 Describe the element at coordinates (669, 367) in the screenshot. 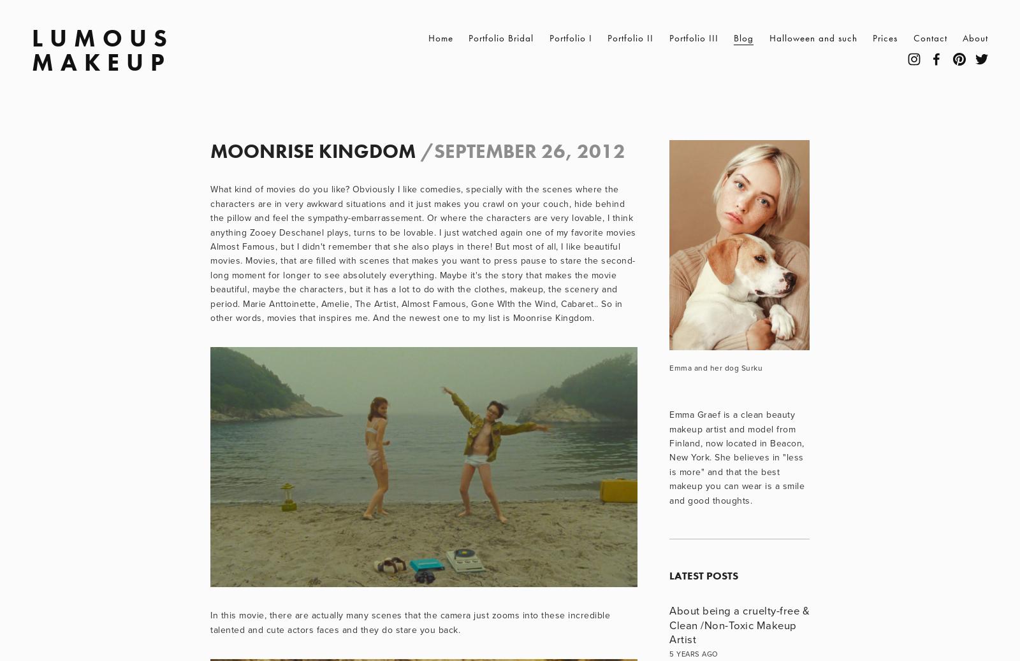

I see `'Emma and her dog Surku'` at that location.